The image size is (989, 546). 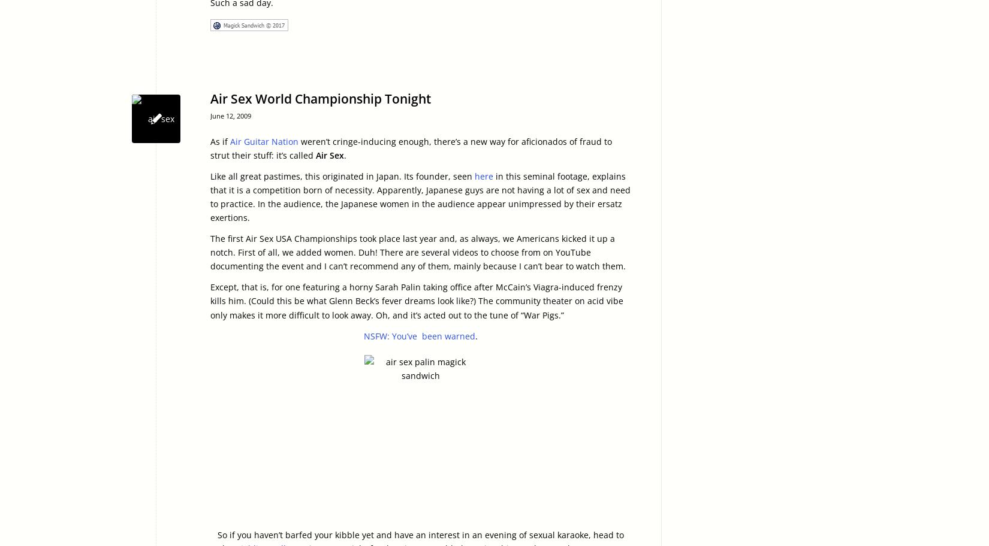 What do you see at coordinates (329, 154) in the screenshot?
I see `'Air Sex'` at bounding box center [329, 154].